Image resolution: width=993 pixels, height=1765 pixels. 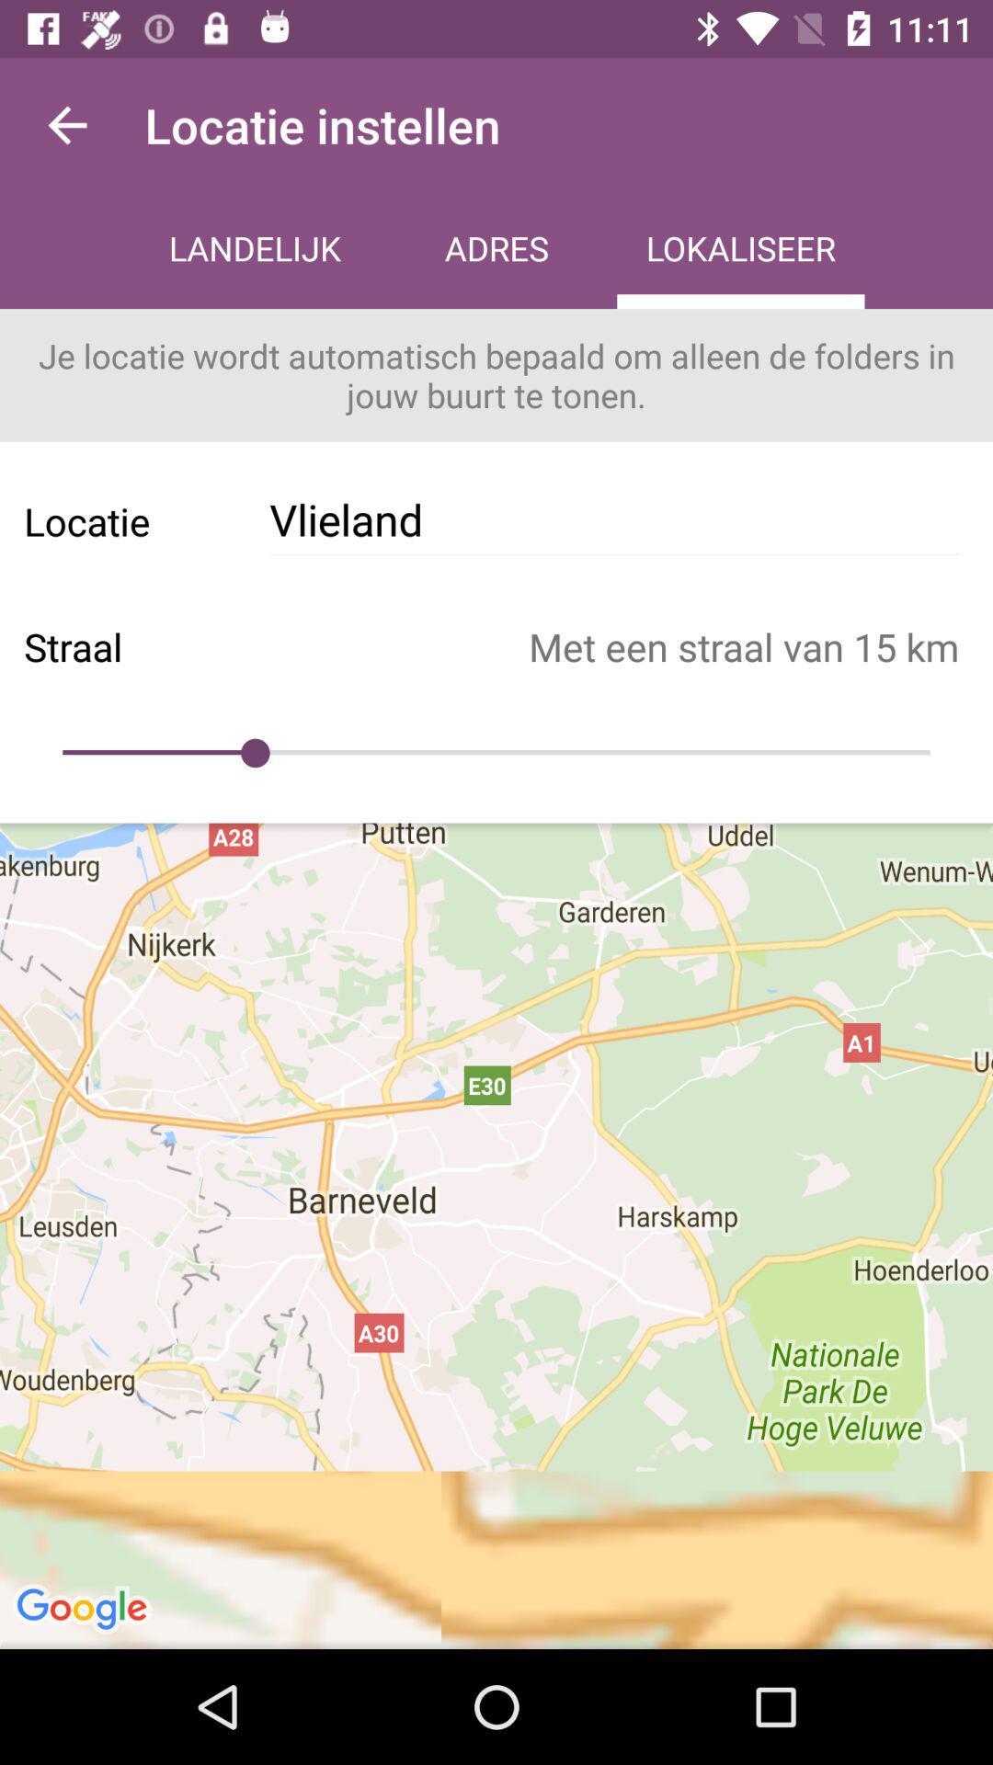 What do you see at coordinates (496, 250) in the screenshot?
I see `the icon above je locatie wordt icon` at bounding box center [496, 250].